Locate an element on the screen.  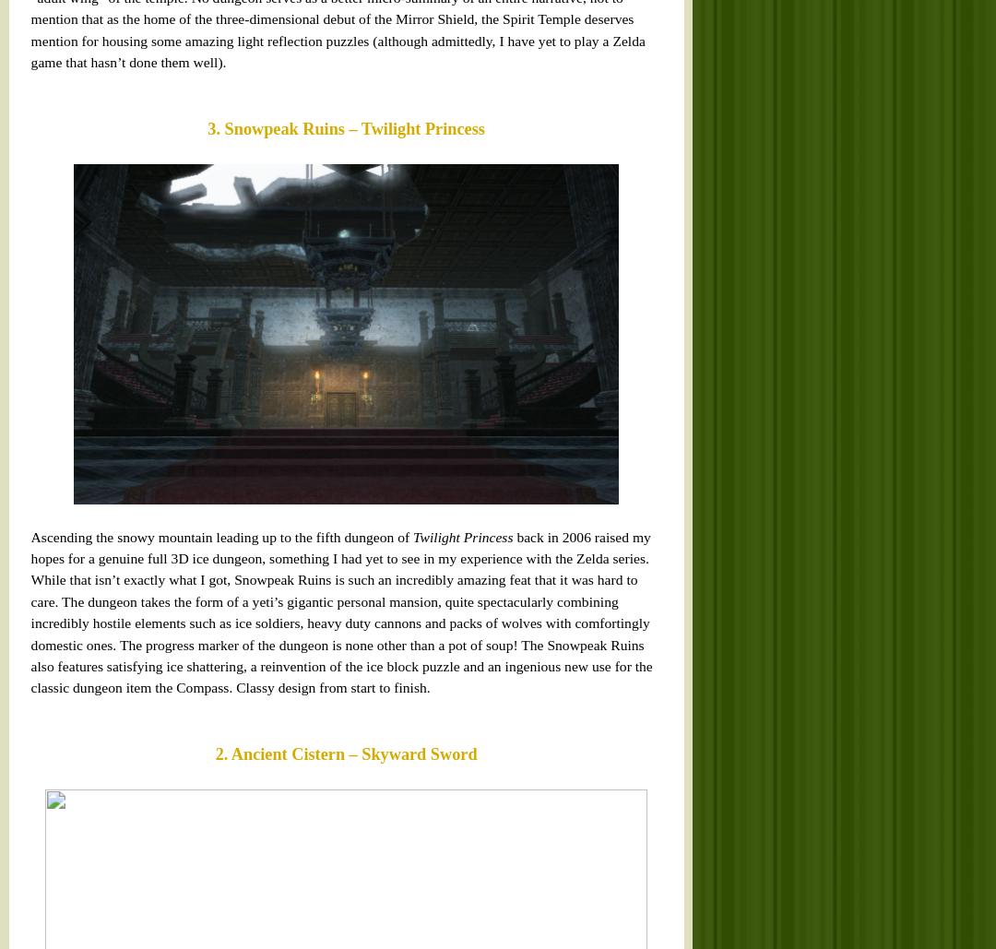
'A Link to the Past' is located at coordinates (279, 491).